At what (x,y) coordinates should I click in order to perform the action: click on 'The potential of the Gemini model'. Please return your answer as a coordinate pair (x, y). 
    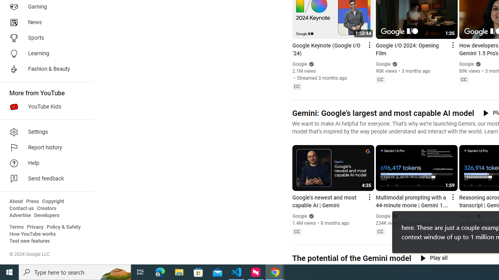
    Looking at the image, I should click on (351, 258).